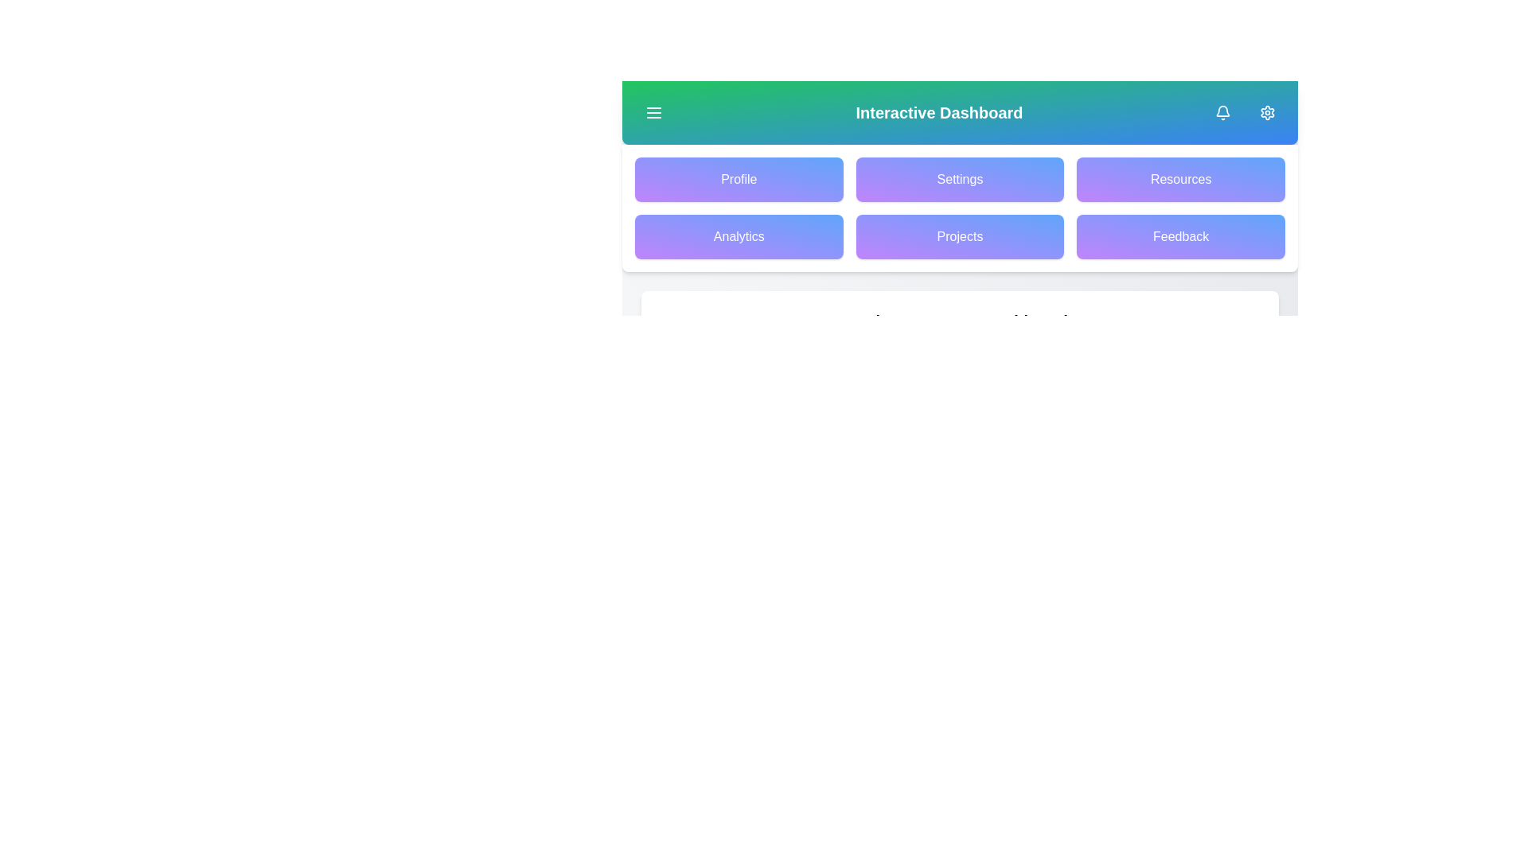 Image resolution: width=1528 pixels, height=859 pixels. What do you see at coordinates (1180, 179) in the screenshot?
I see `the Resources button to navigate to the corresponding section` at bounding box center [1180, 179].